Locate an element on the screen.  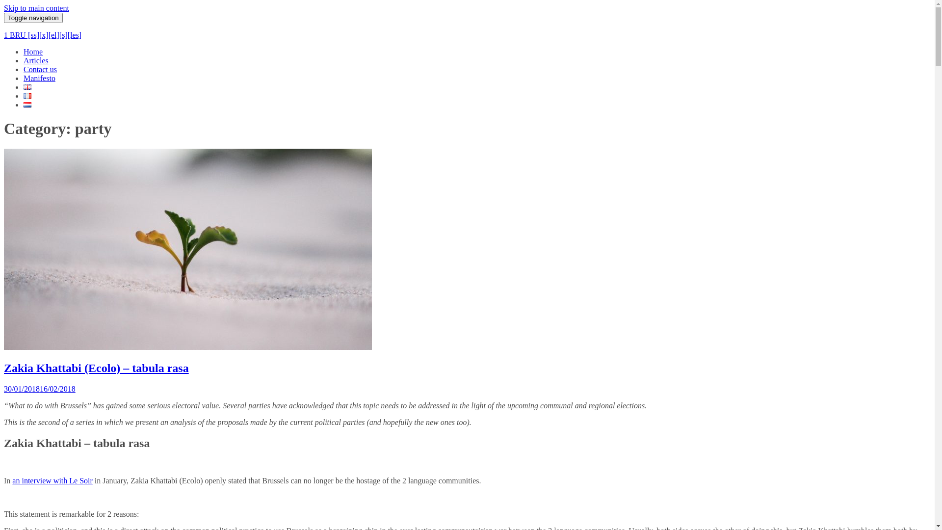
'an interview with Le Soir' is located at coordinates (52, 479).